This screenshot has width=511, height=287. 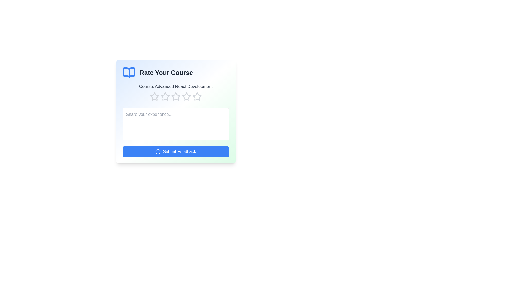 I want to click on the course rating to 3 stars by clicking on the corresponding star, so click(x=176, y=96).